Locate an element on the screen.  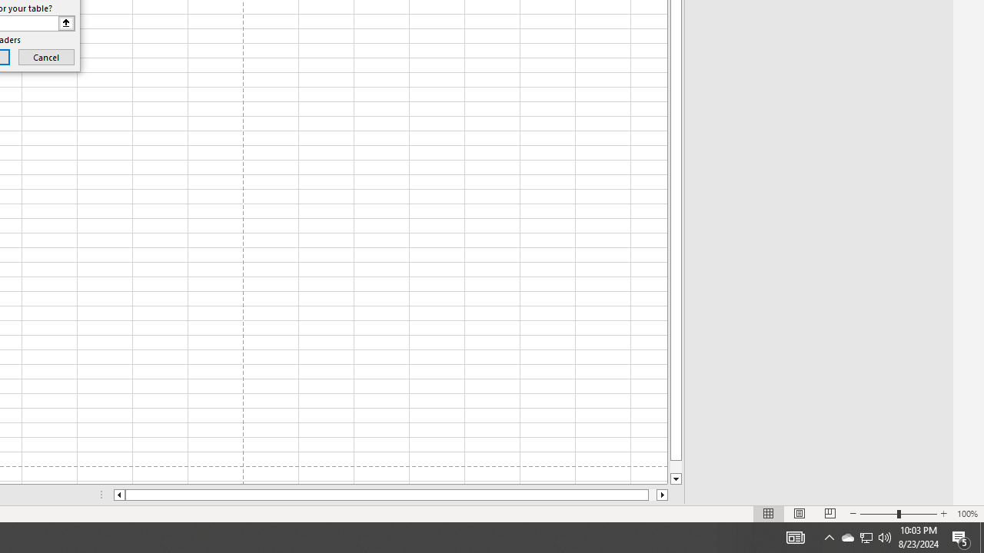
'Line down' is located at coordinates (676, 478).